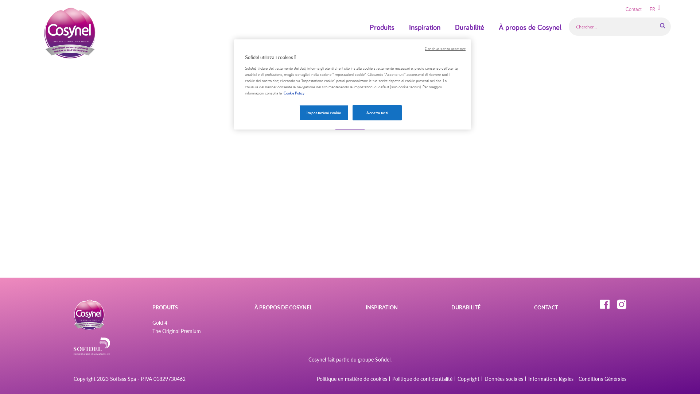 This screenshot has height=394, width=700. Describe the element at coordinates (350, 125) in the screenshot. I see `'Back to homepage'` at that location.